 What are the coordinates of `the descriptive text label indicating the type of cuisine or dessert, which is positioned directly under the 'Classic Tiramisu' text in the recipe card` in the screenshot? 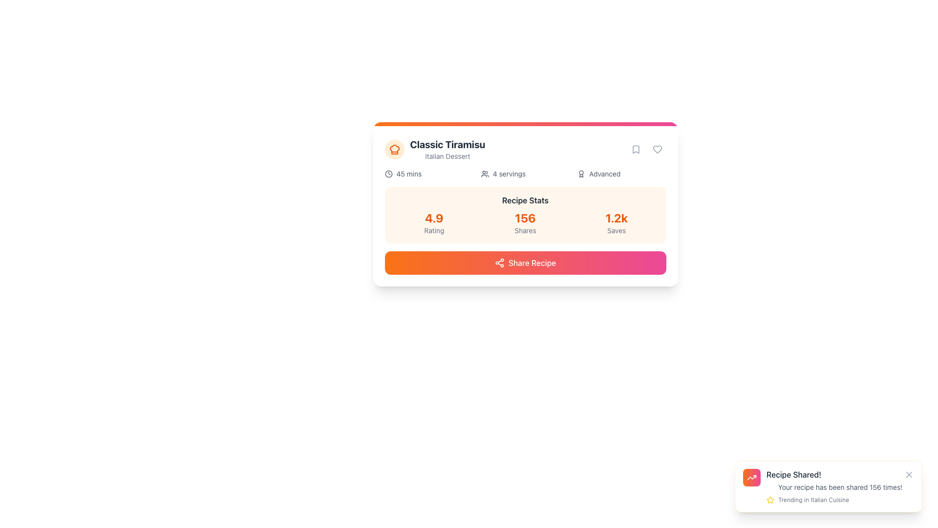 It's located at (447, 156).